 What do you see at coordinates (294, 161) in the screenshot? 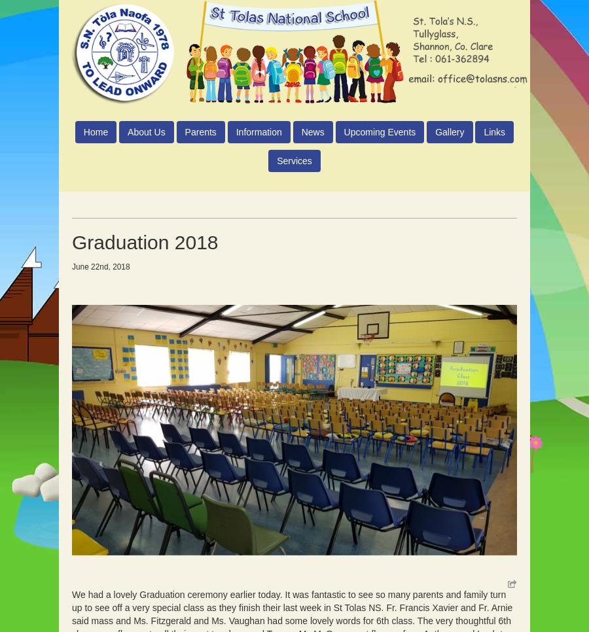
I see `'Services'` at bounding box center [294, 161].